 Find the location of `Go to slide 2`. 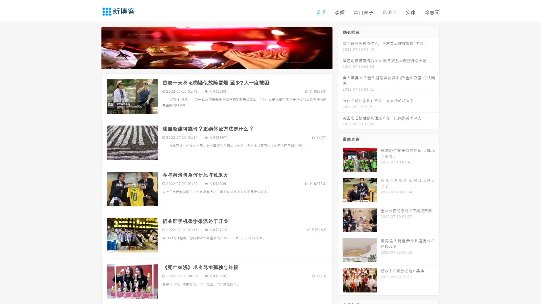

Go to slide 2 is located at coordinates (216, 63).